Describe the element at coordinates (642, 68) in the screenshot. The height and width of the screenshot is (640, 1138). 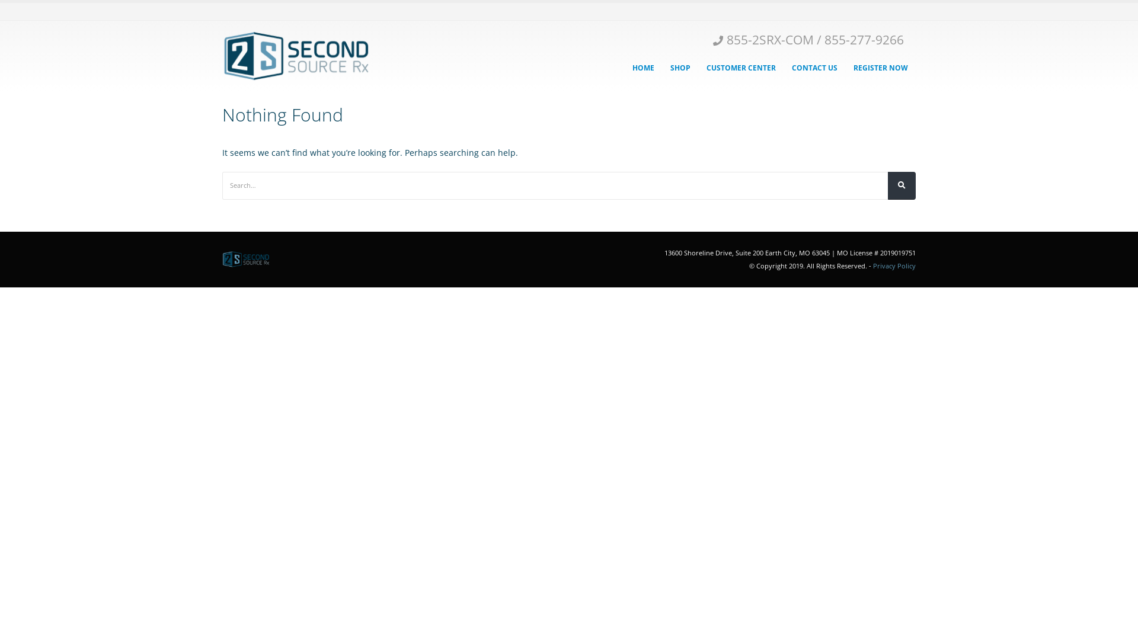
I see `'HOME'` at that location.